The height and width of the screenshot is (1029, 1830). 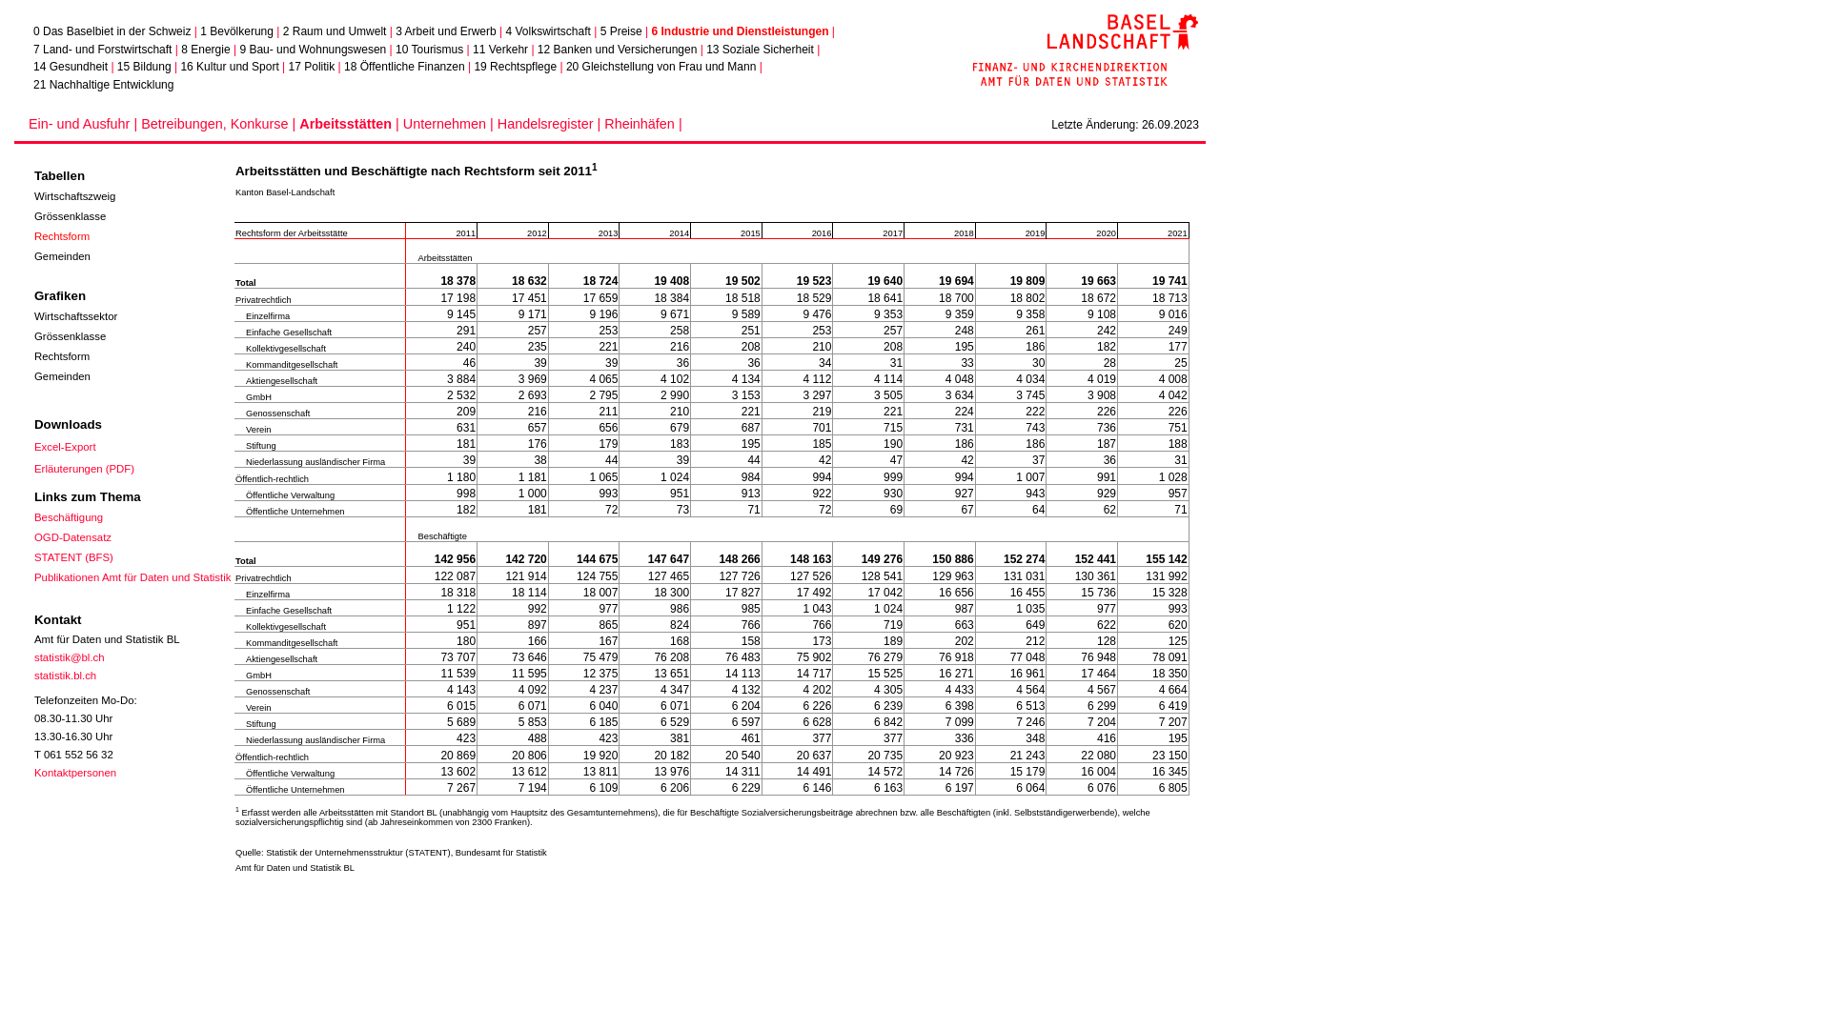 I want to click on 'Wirtschaftssektor', so click(x=75, y=314).